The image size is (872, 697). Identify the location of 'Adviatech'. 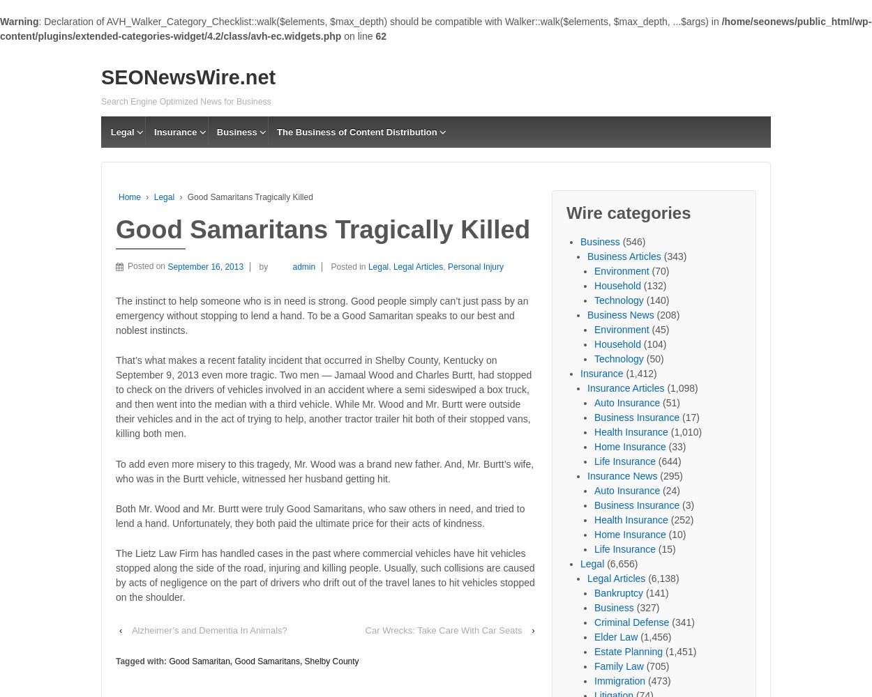
(294, 169).